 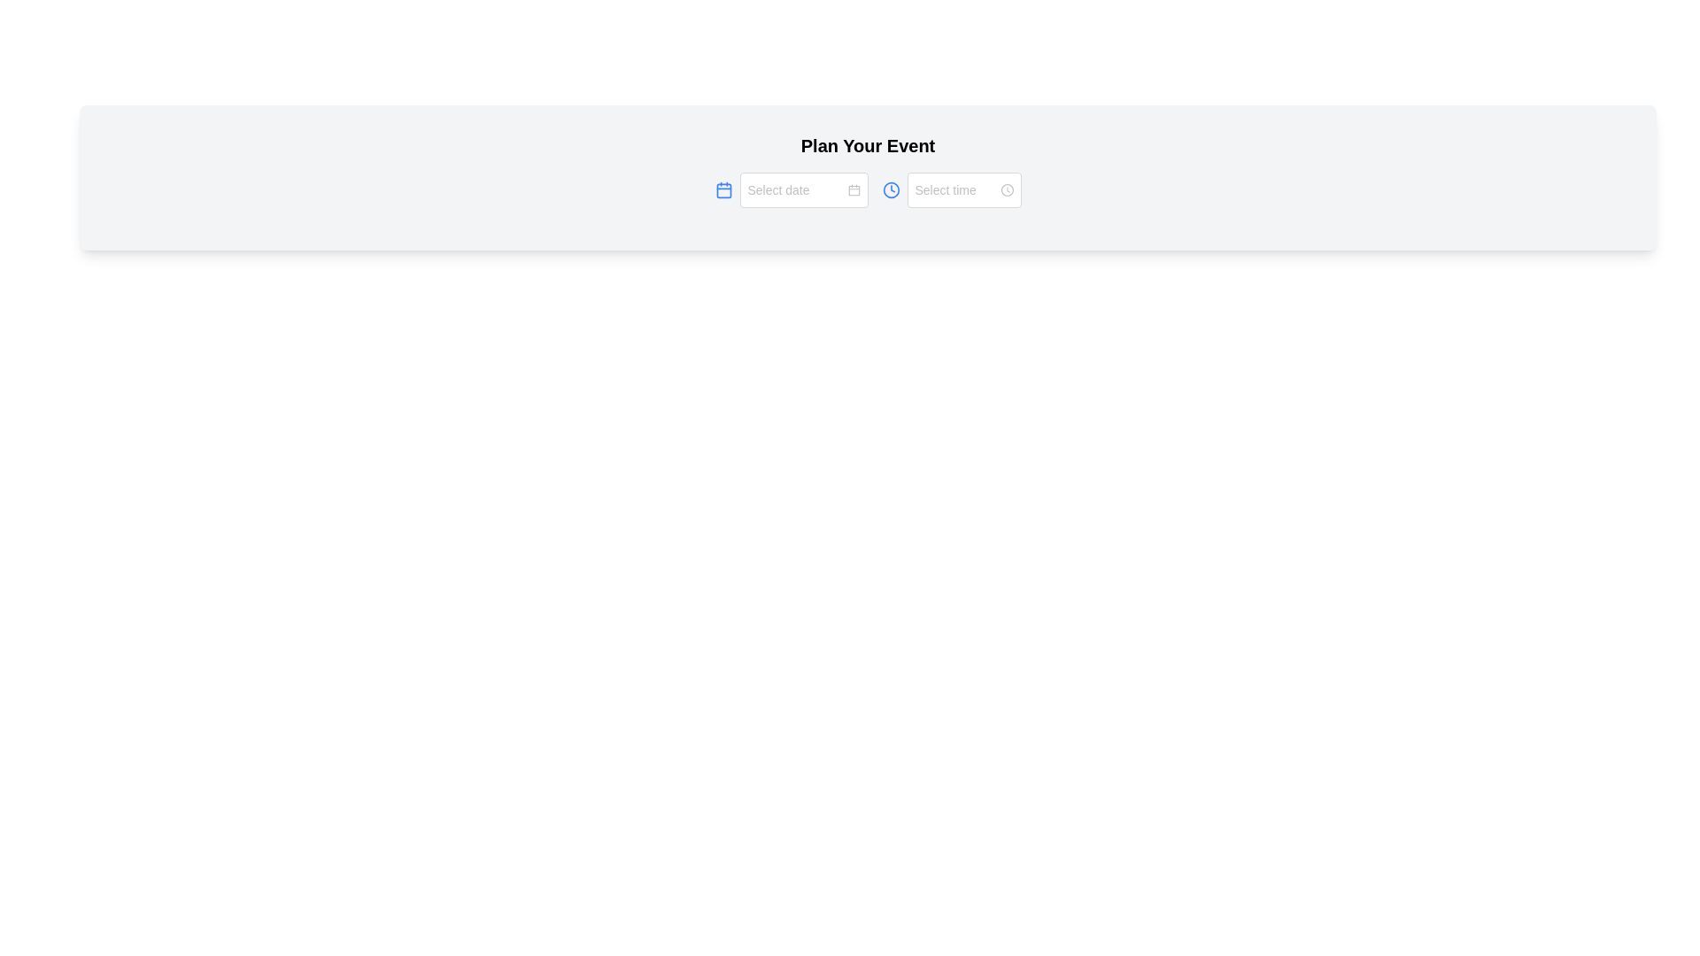 What do you see at coordinates (790, 190) in the screenshot?
I see `the date selection input located on the left side of the horizontal arrangement of two input components` at bounding box center [790, 190].